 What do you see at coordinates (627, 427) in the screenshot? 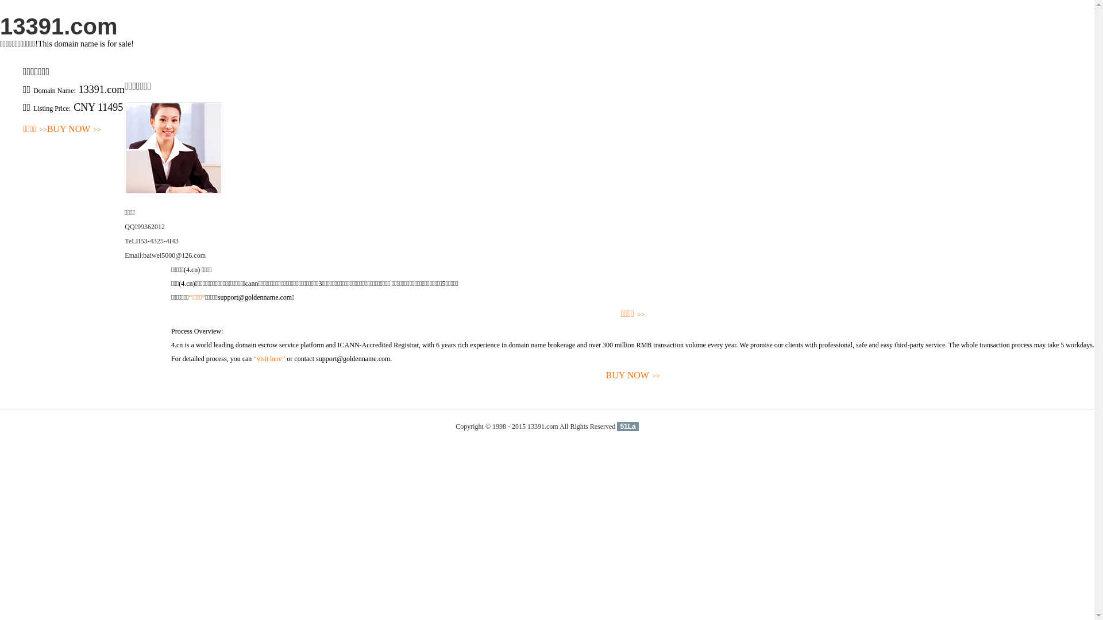
I see `'51La'` at bounding box center [627, 427].